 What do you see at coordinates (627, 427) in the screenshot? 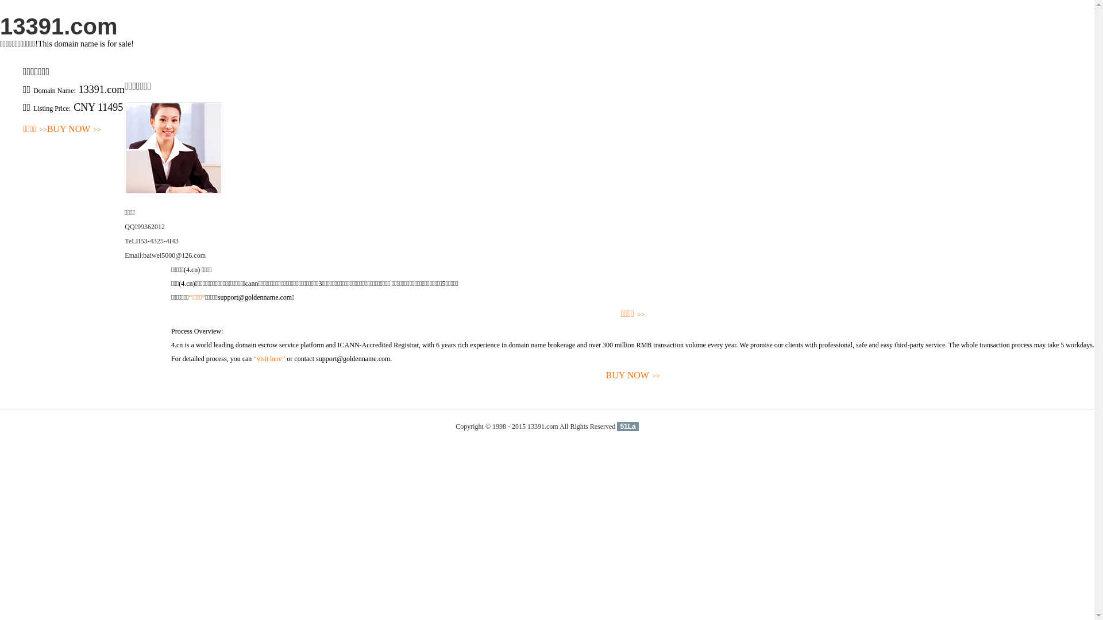
I see `'51La'` at bounding box center [627, 427].